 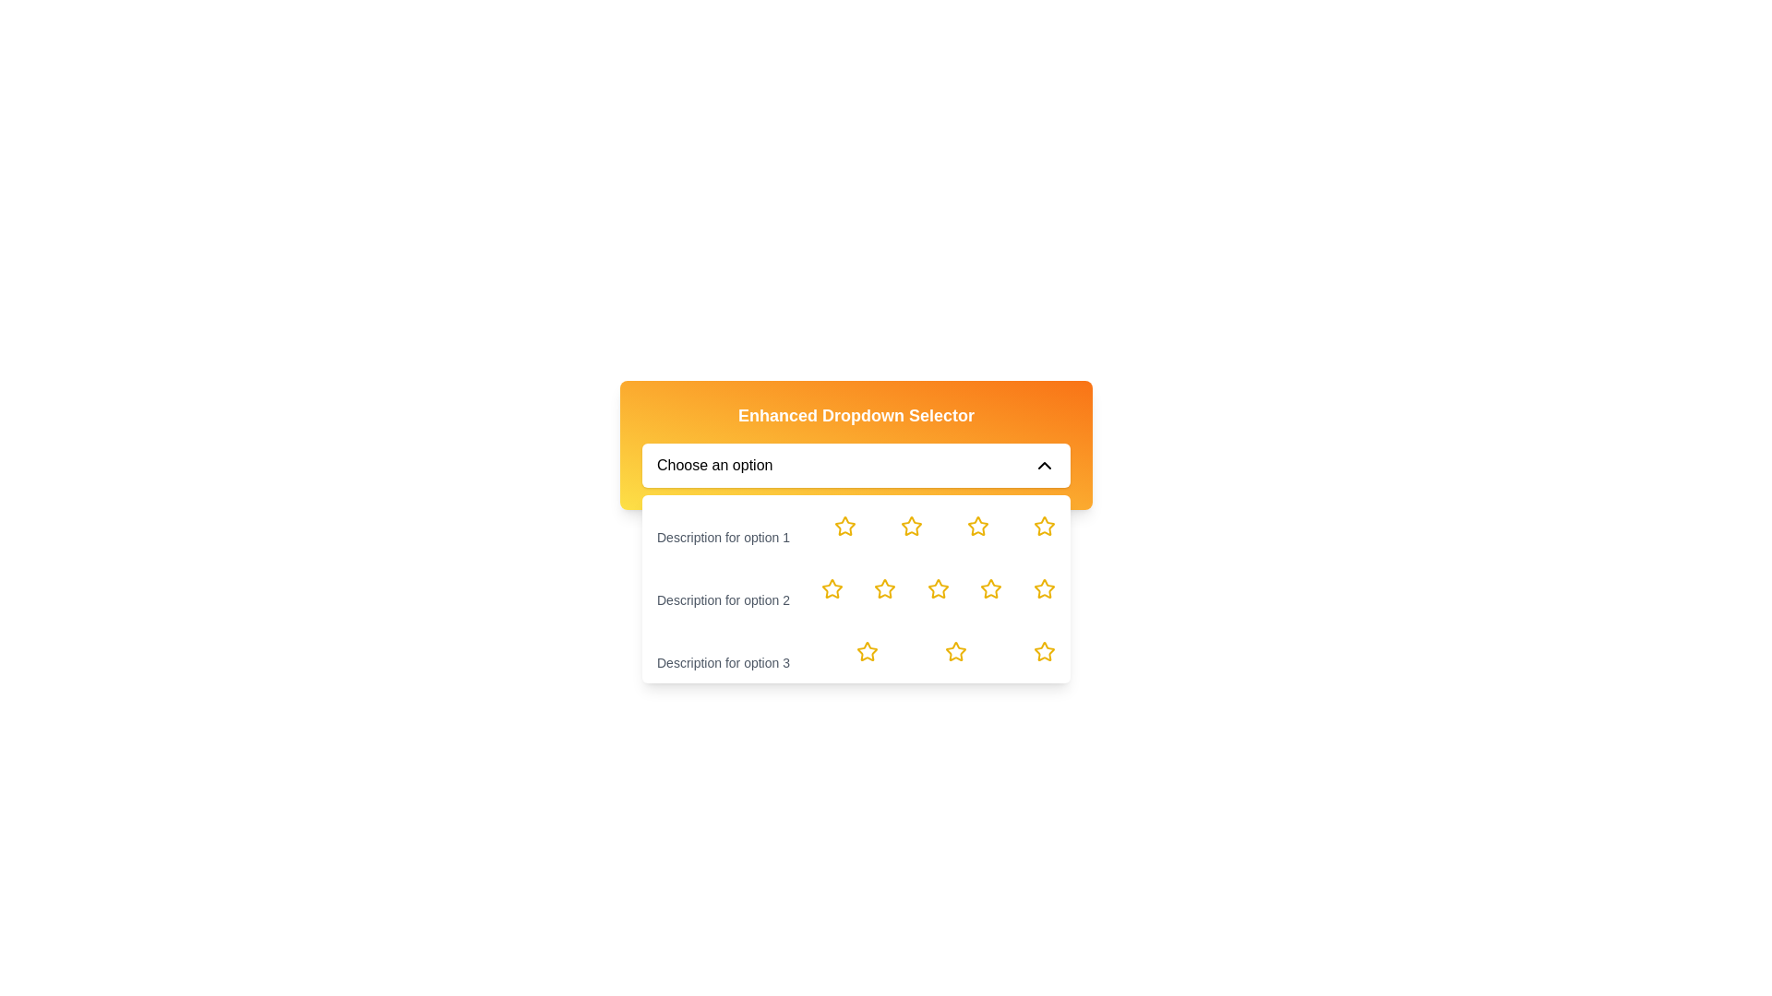 I want to click on the dropdown button displaying 'Choose an option', so click(x=855, y=465).